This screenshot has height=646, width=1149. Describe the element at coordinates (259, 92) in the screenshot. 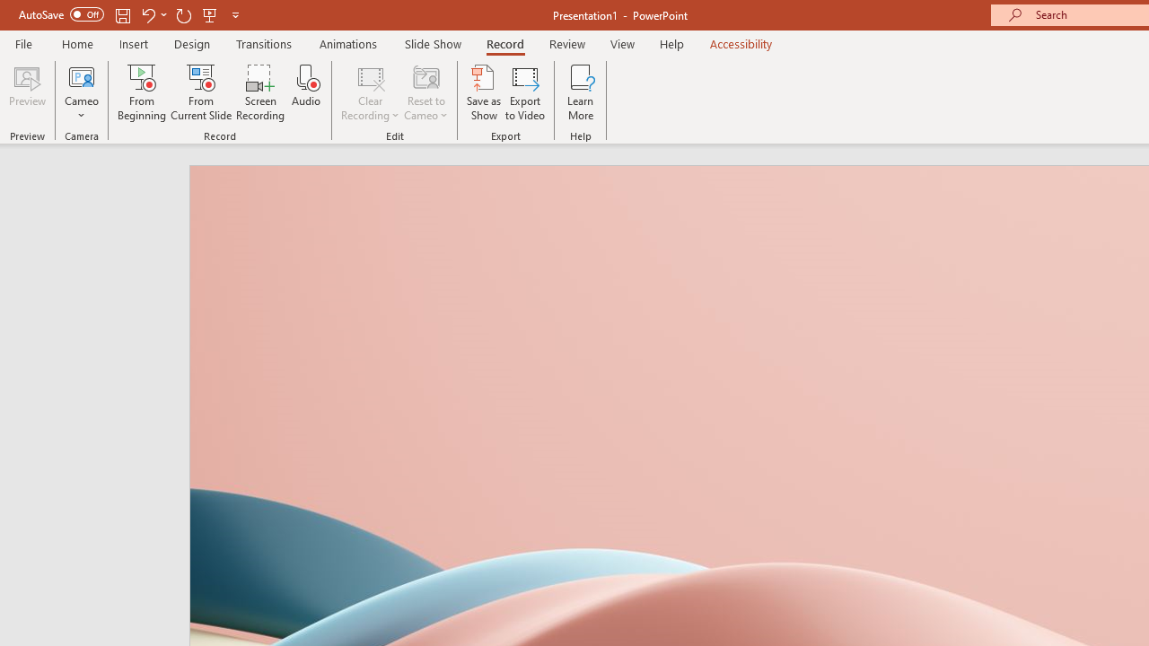

I see `'Screen Recording'` at that location.